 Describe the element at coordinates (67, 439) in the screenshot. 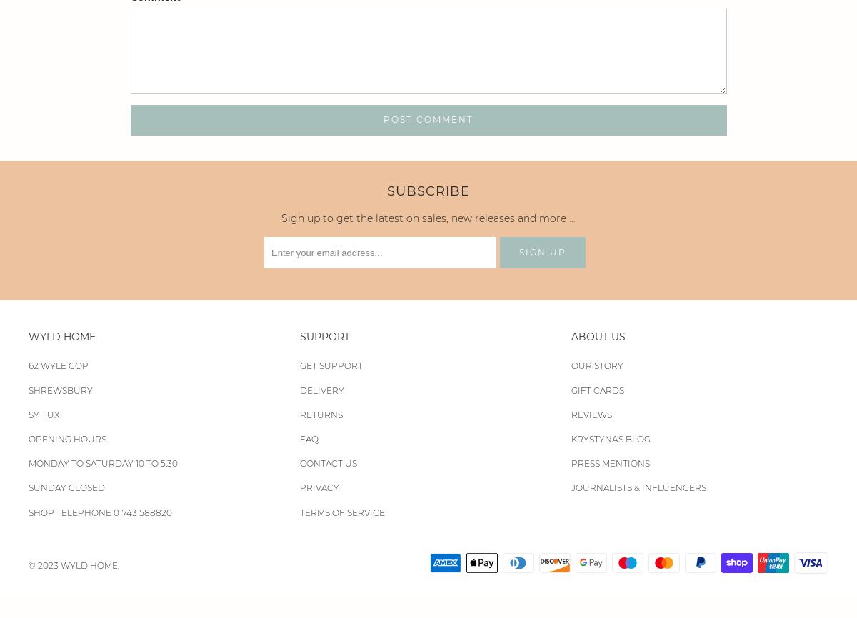

I see `'OPENING HOURS'` at that location.